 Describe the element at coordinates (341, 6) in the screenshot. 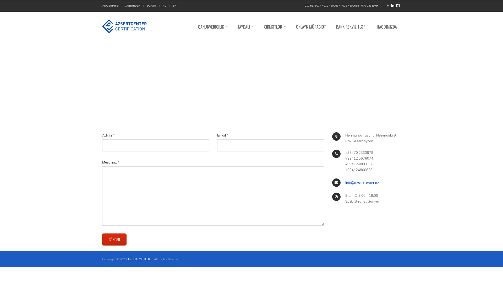

I see `'012 5676074 / 012 4800637 / 012 4800638 / 070 2333979'` at that location.